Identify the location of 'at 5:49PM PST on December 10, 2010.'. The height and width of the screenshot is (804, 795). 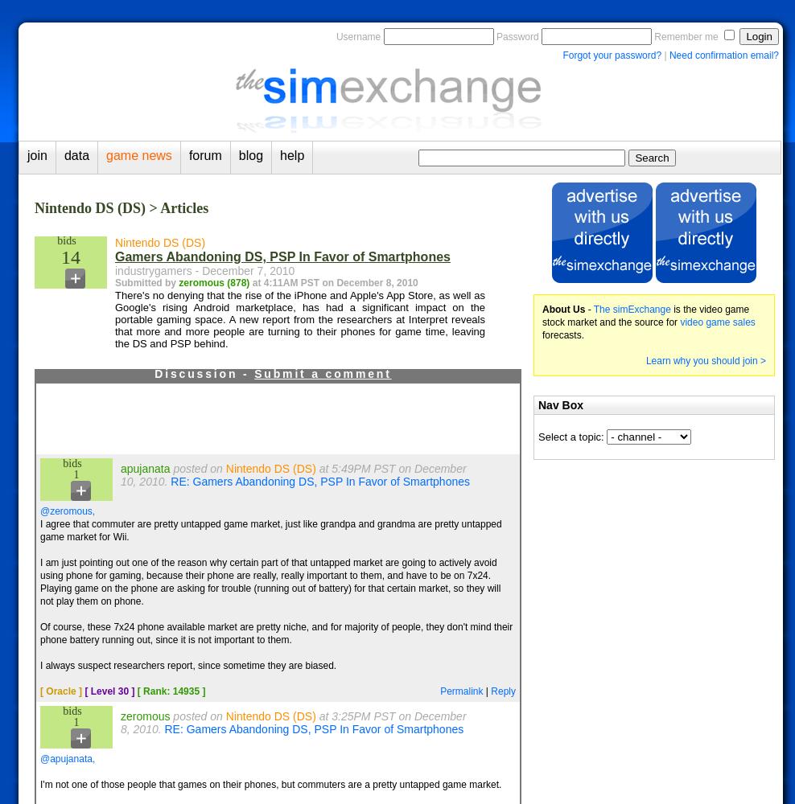
(293, 474).